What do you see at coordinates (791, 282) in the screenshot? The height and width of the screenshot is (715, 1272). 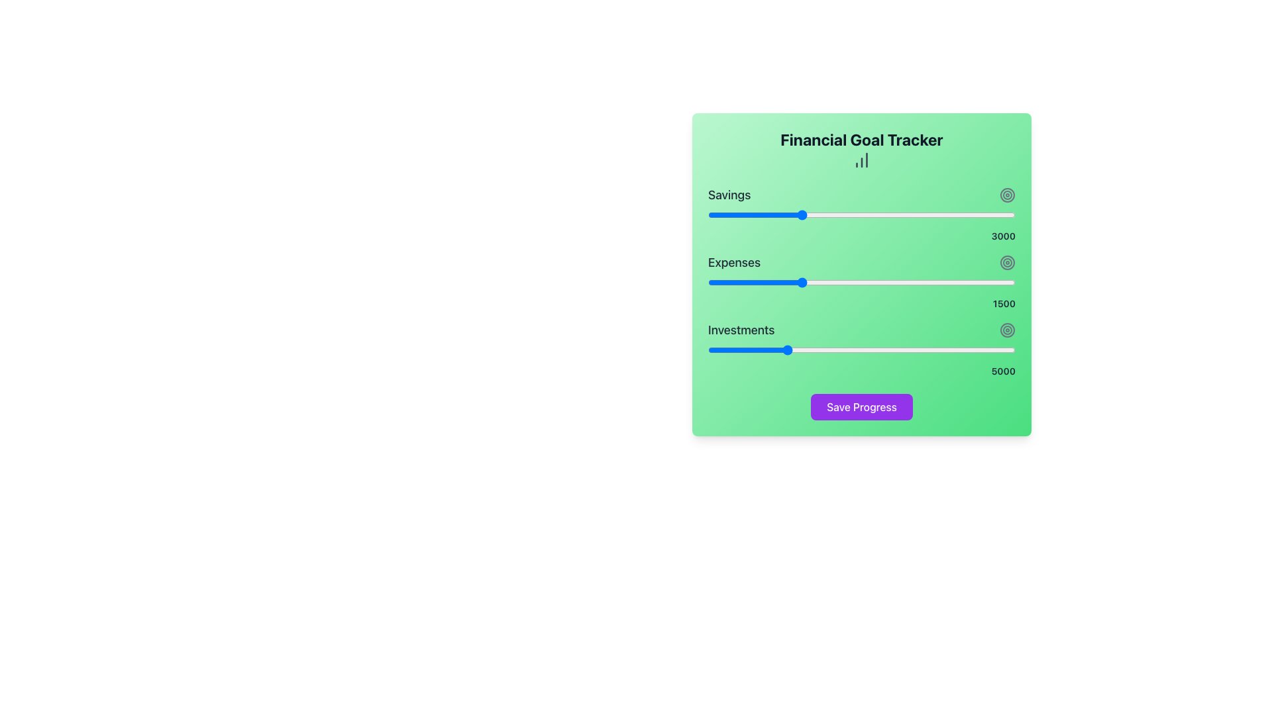 I see `the expenses slider` at bounding box center [791, 282].